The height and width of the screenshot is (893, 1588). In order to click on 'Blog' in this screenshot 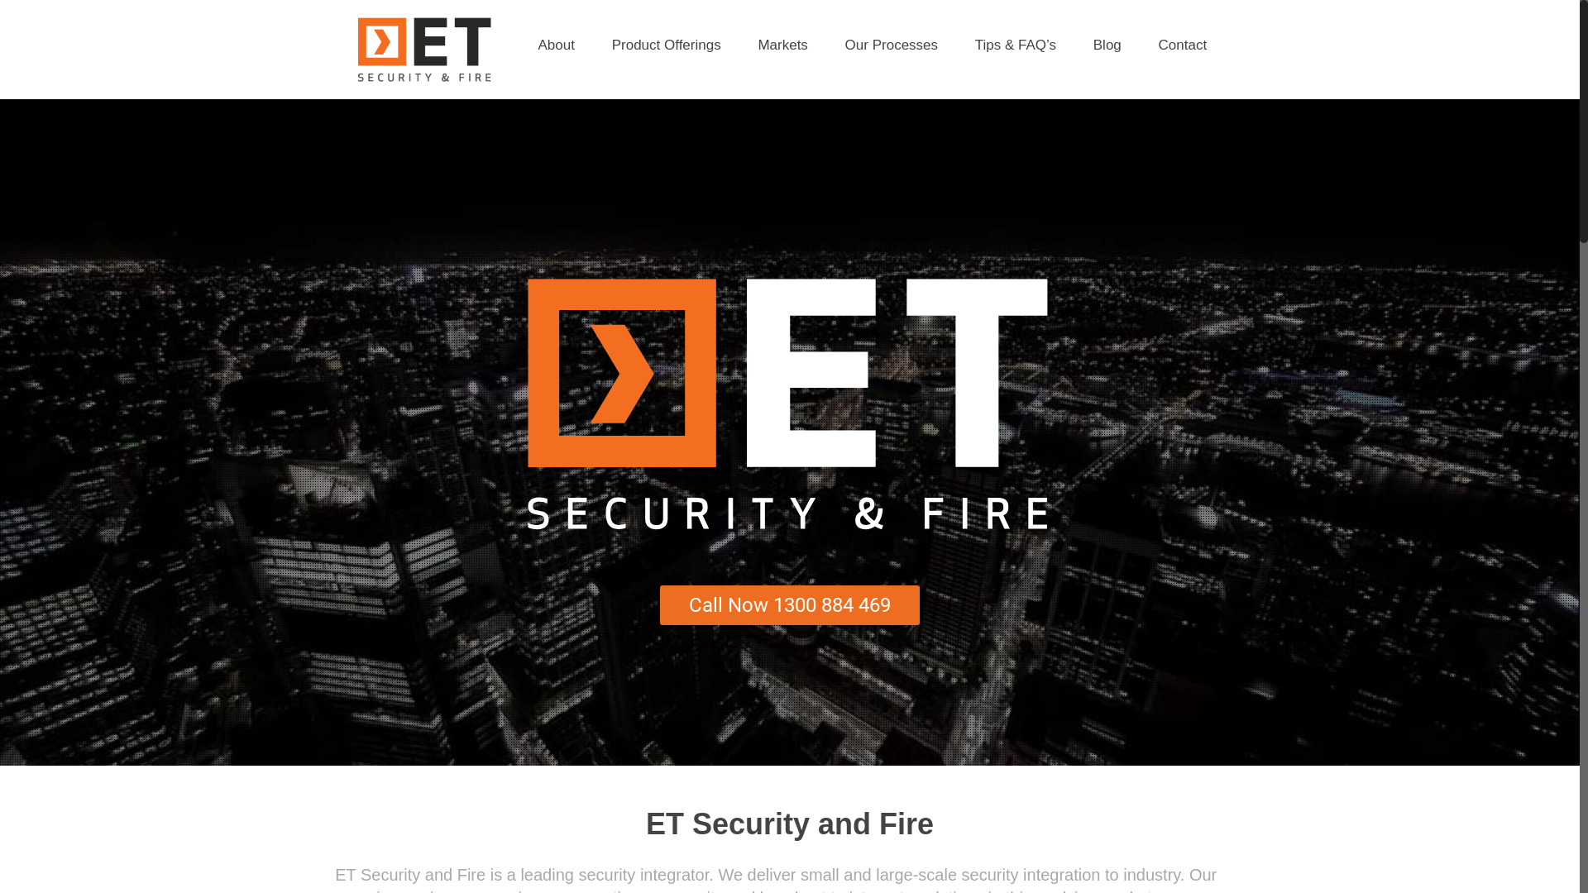, I will do `click(1107, 44)`.